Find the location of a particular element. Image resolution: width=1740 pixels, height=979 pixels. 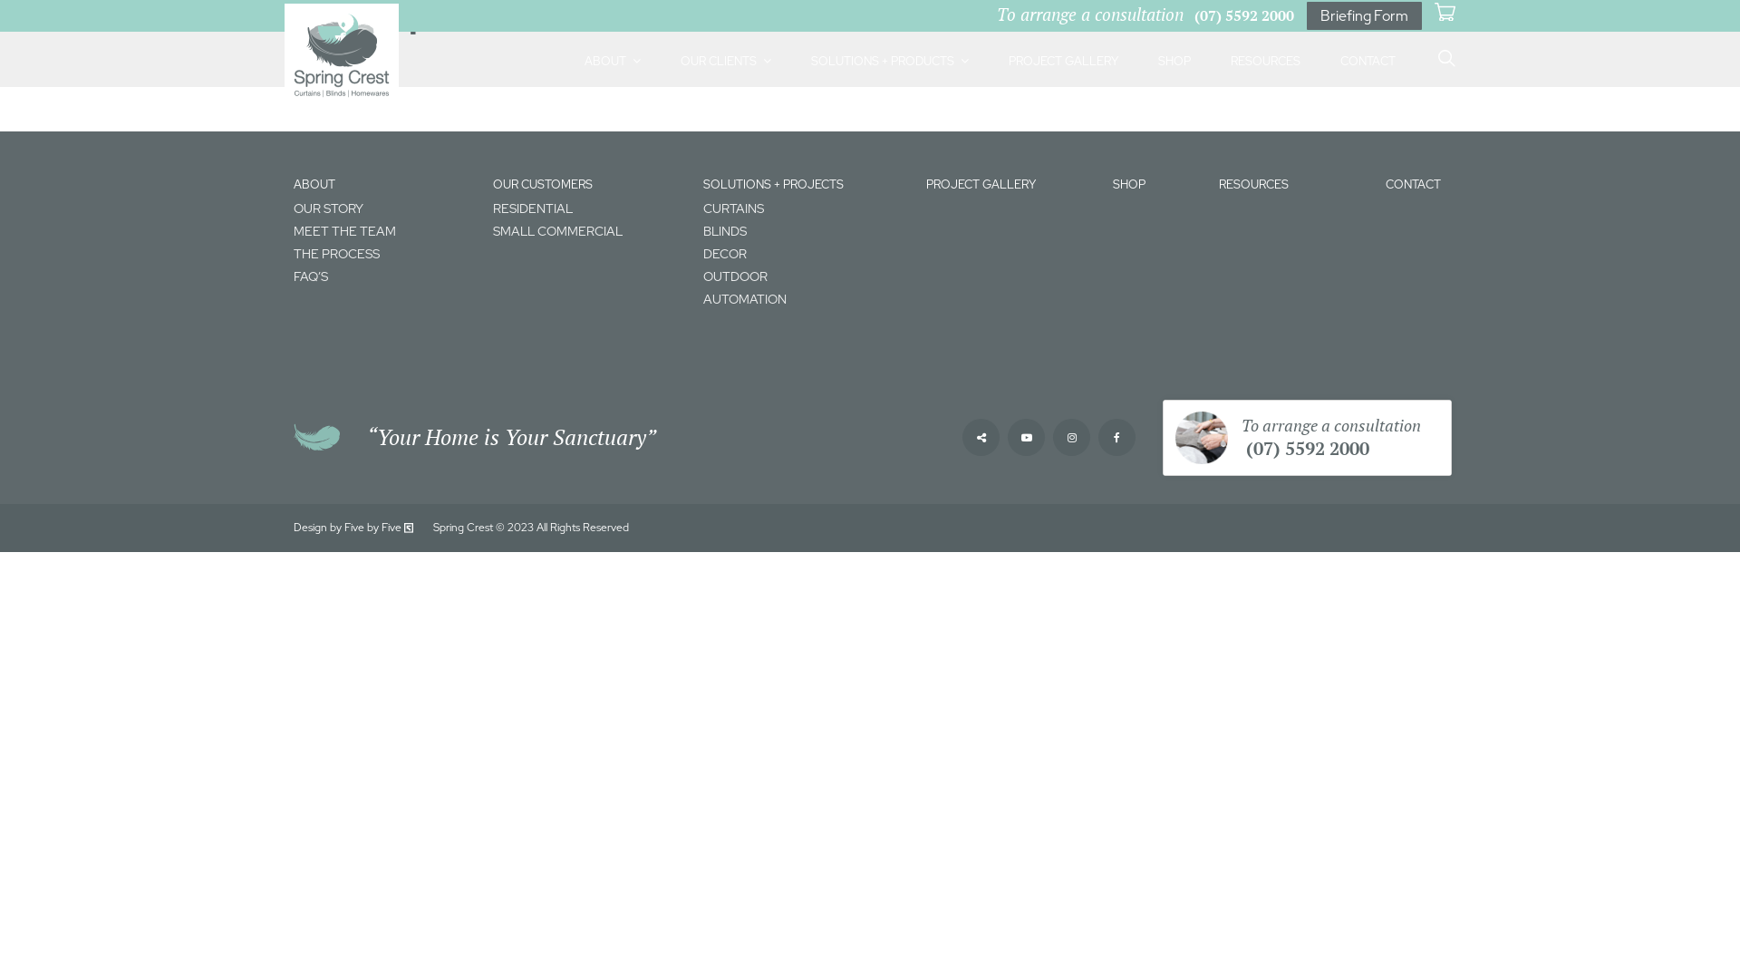

'RESIDENTIAL' is located at coordinates (589, 208).